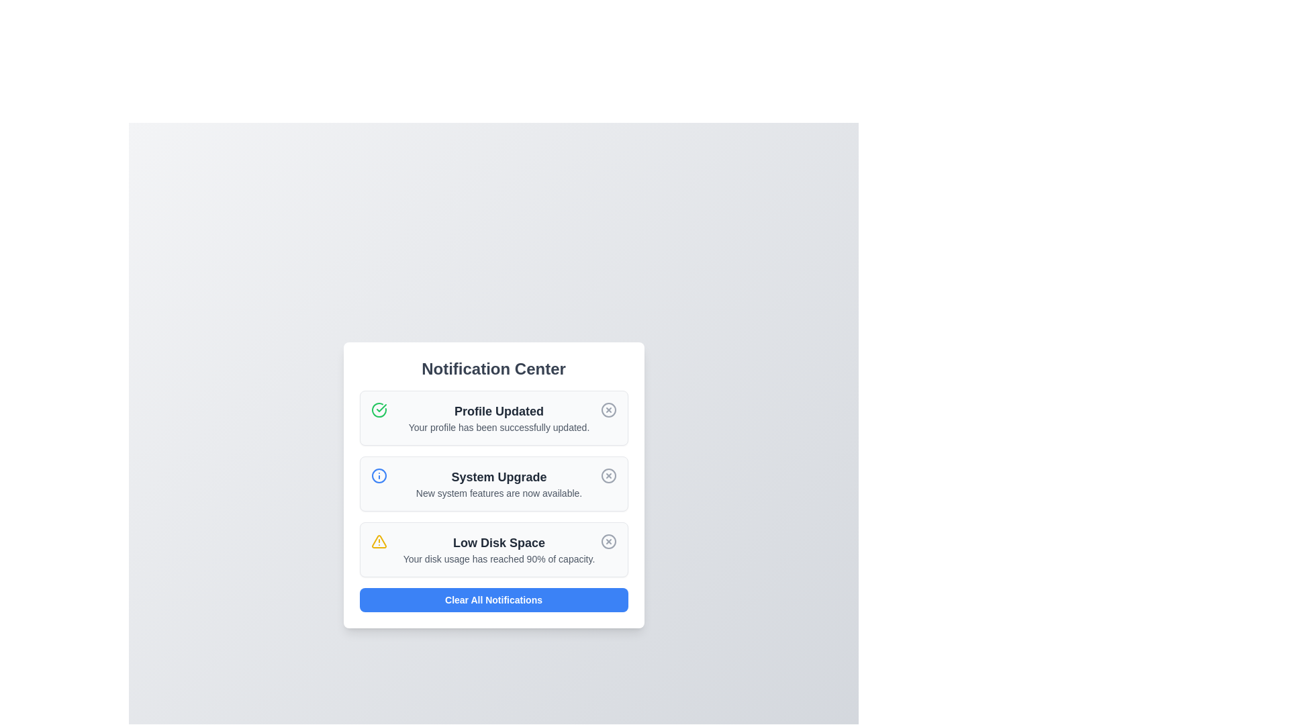 This screenshot has height=725, width=1289. What do you see at coordinates (608, 540) in the screenshot?
I see `the circular graphical element that serves as the background for the 'close' icon on the right side of the 'Low Disk Space' notification` at bounding box center [608, 540].